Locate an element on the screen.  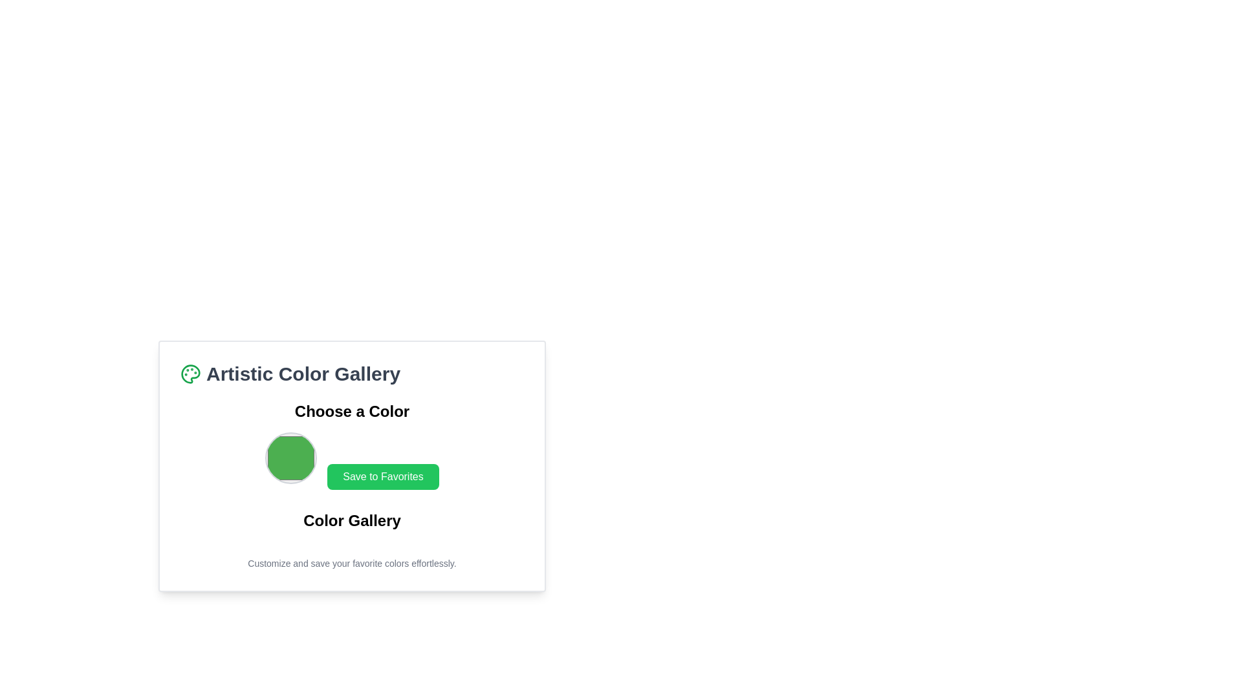
the green palette icon that represents an artist's palette, located at the beginning of the heading 'Artistic Color Gallery' is located at coordinates (190, 374).